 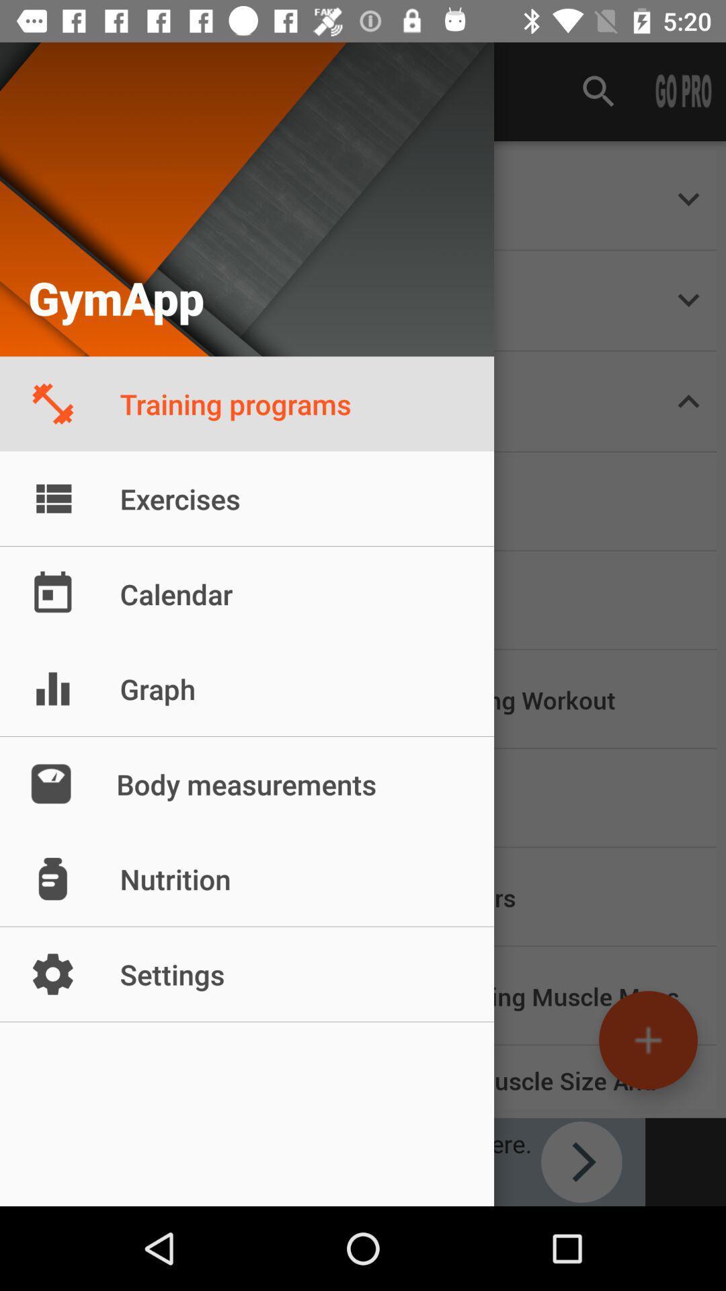 I want to click on search icon which is at the top of the page, so click(x=598, y=91).